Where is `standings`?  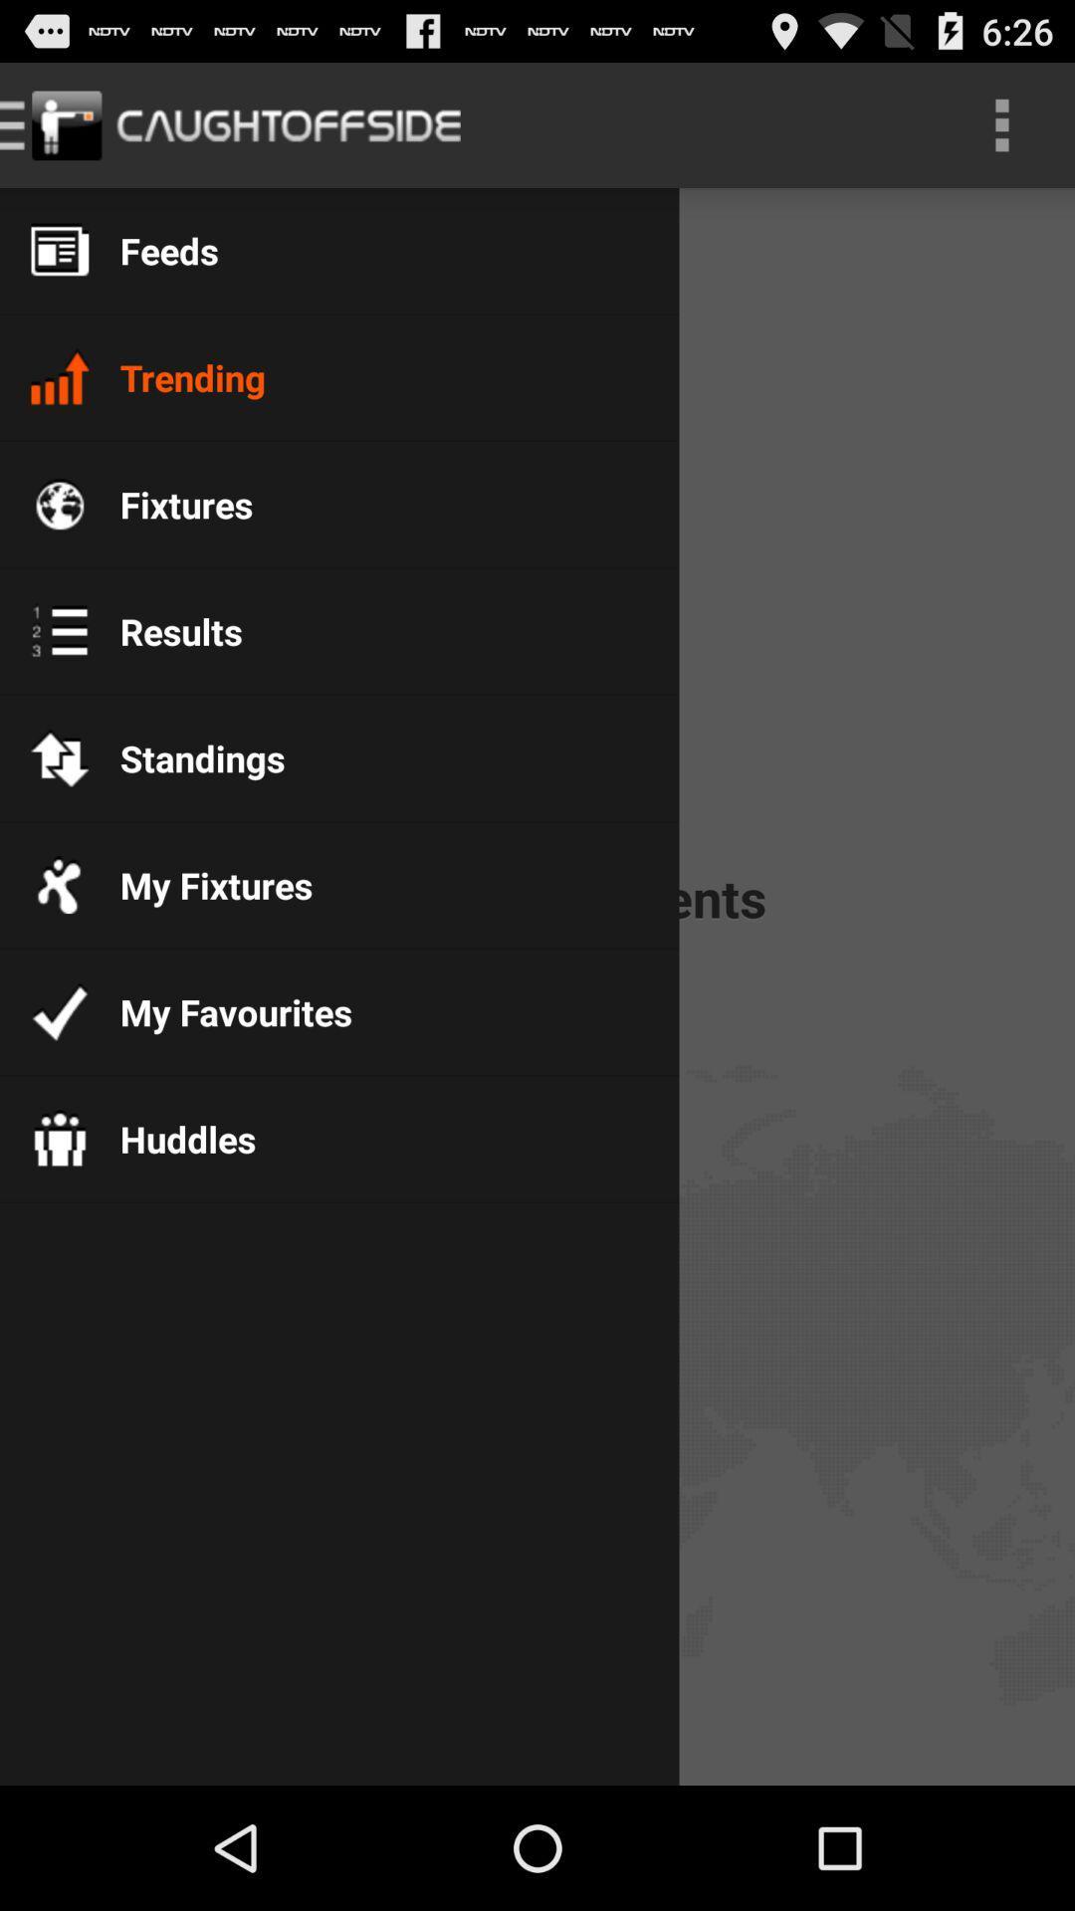 standings is located at coordinates (186, 757).